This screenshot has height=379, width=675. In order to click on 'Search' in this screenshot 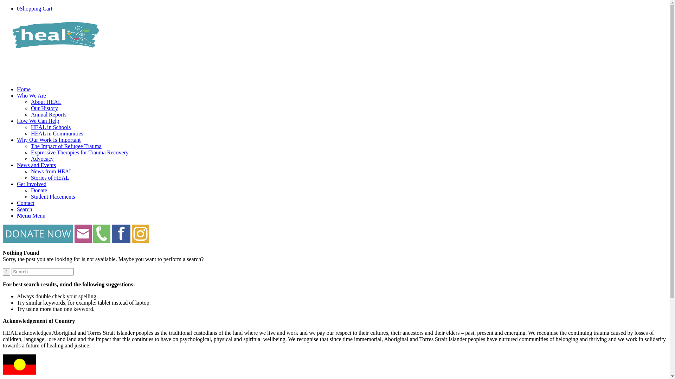, I will do `click(25, 209)`.